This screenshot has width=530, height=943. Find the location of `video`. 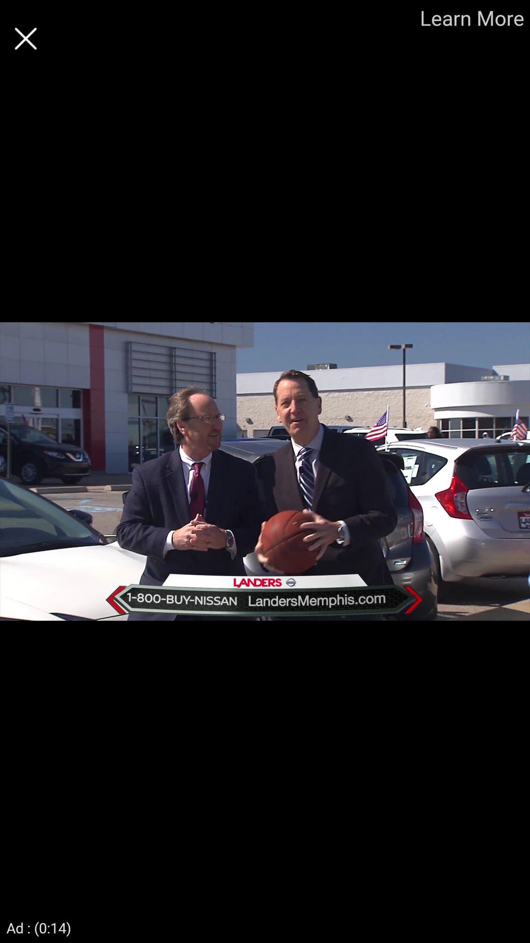

video is located at coordinates (25, 38).